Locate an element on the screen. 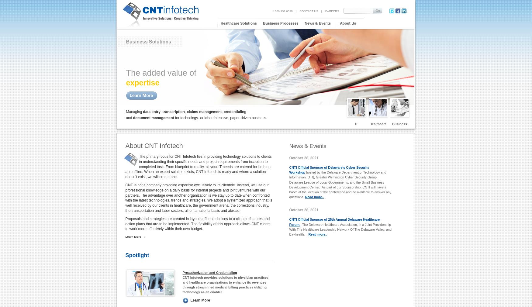  'Preauthorization and Credentialing' is located at coordinates (209, 272).